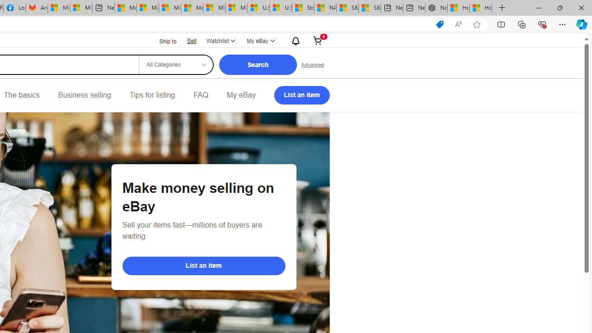 This screenshot has width=592, height=333. I want to click on 'Sell', so click(191, 40).